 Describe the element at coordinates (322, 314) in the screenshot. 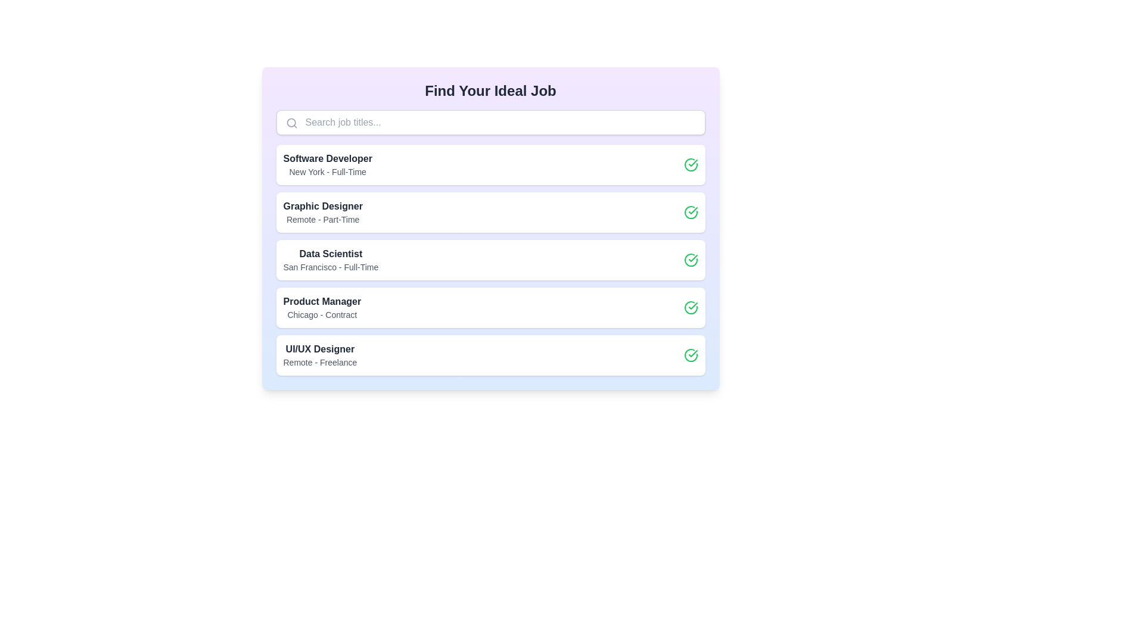

I see `the text label displaying 'Chicago - Contract', which is styled in gray and positioned below the 'Product Manager' text` at that location.